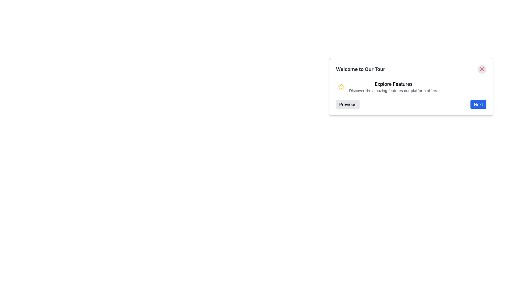  Describe the element at coordinates (482, 69) in the screenshot. I see `the Close button located in the top-right corner of the modal dialog titled 'Welcome to Our Tour'` at that location.